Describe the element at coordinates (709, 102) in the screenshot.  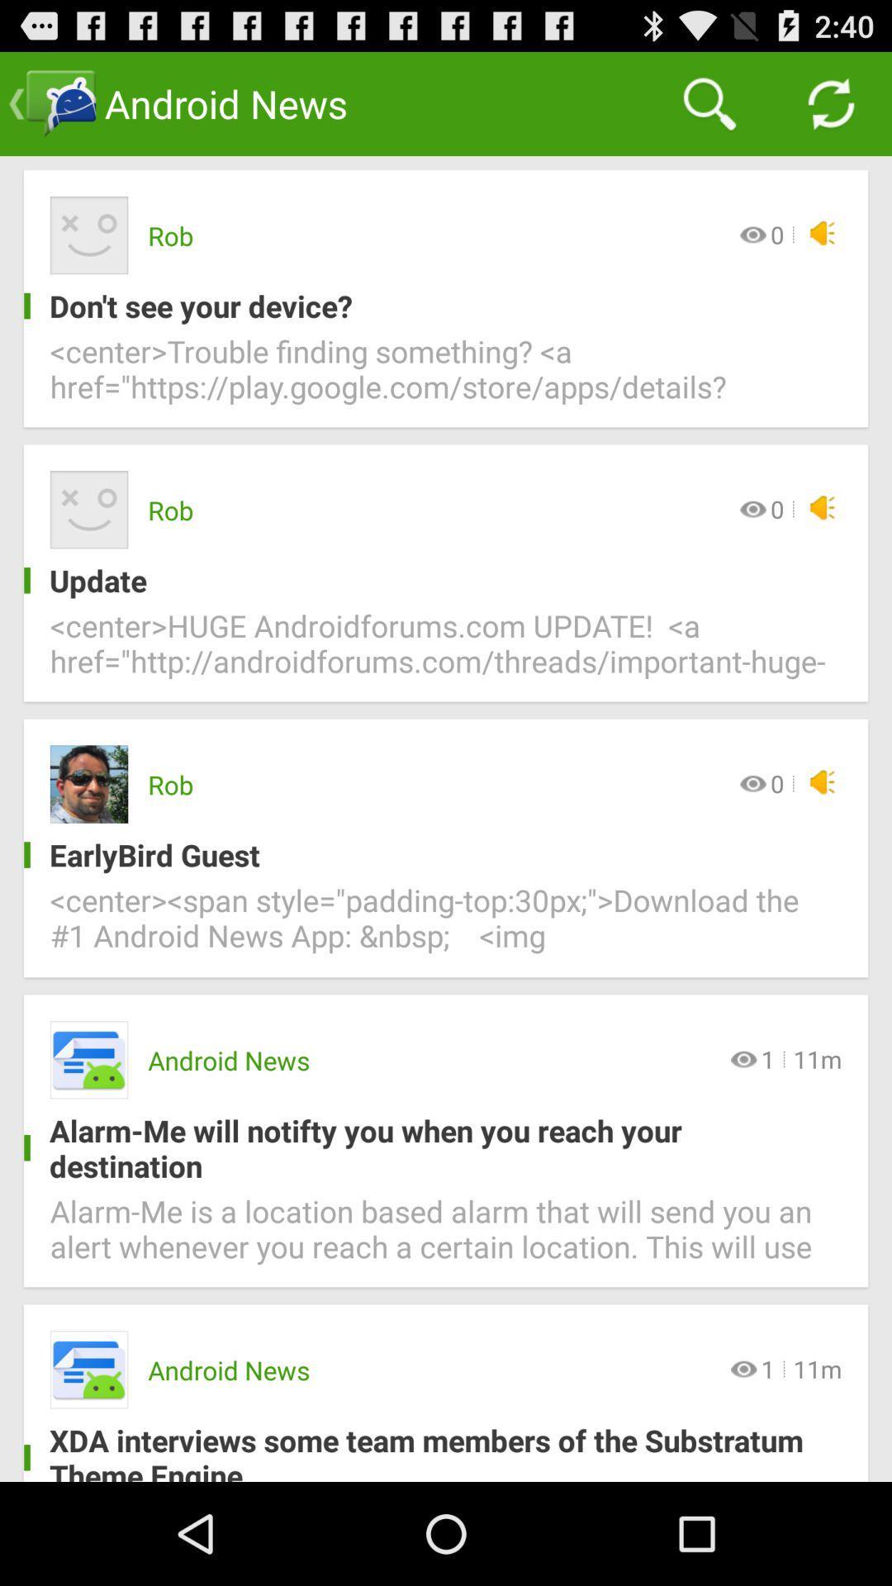
I see `icon above the 0` at that location.